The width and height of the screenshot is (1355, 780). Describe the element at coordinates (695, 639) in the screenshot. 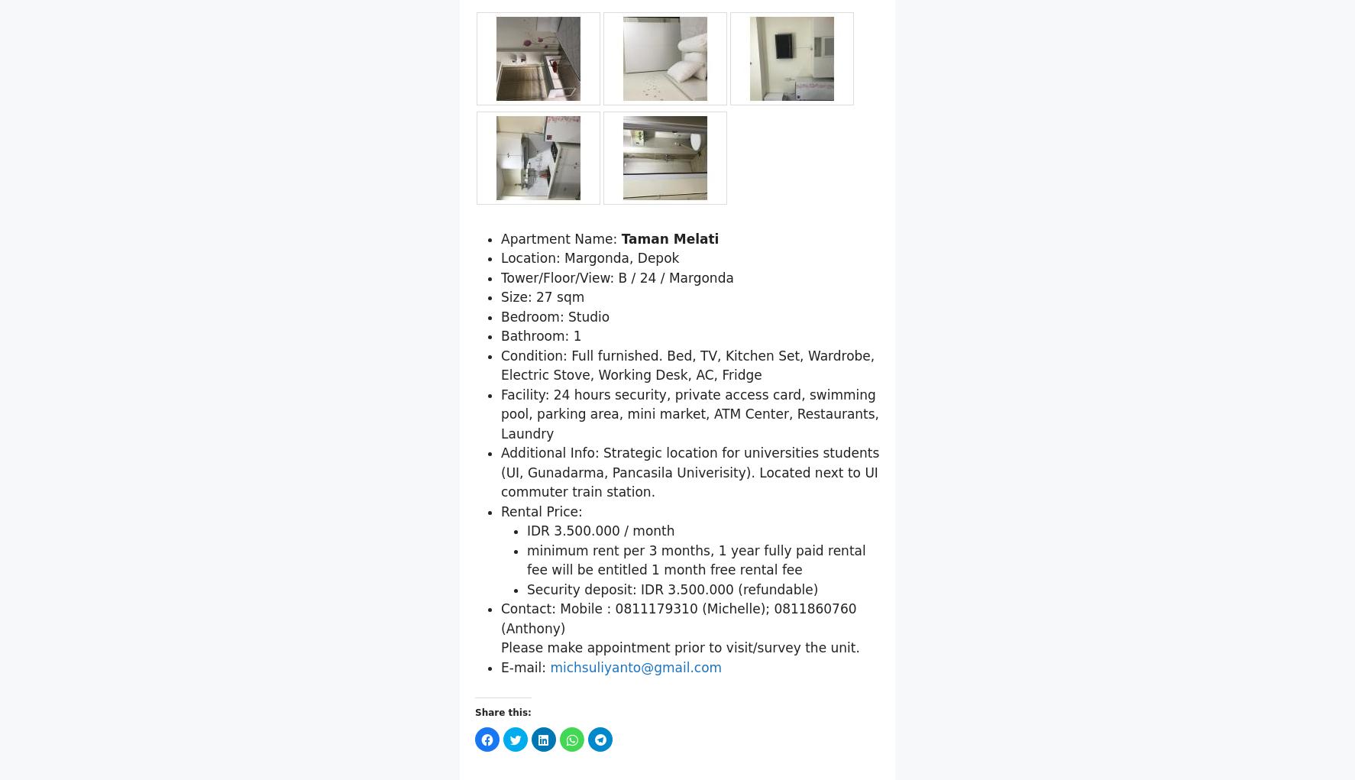

I see `'minimum rent per 3 months, 1 year fully paid rental fee will be entitled 1 month free rental fee'` at that location.